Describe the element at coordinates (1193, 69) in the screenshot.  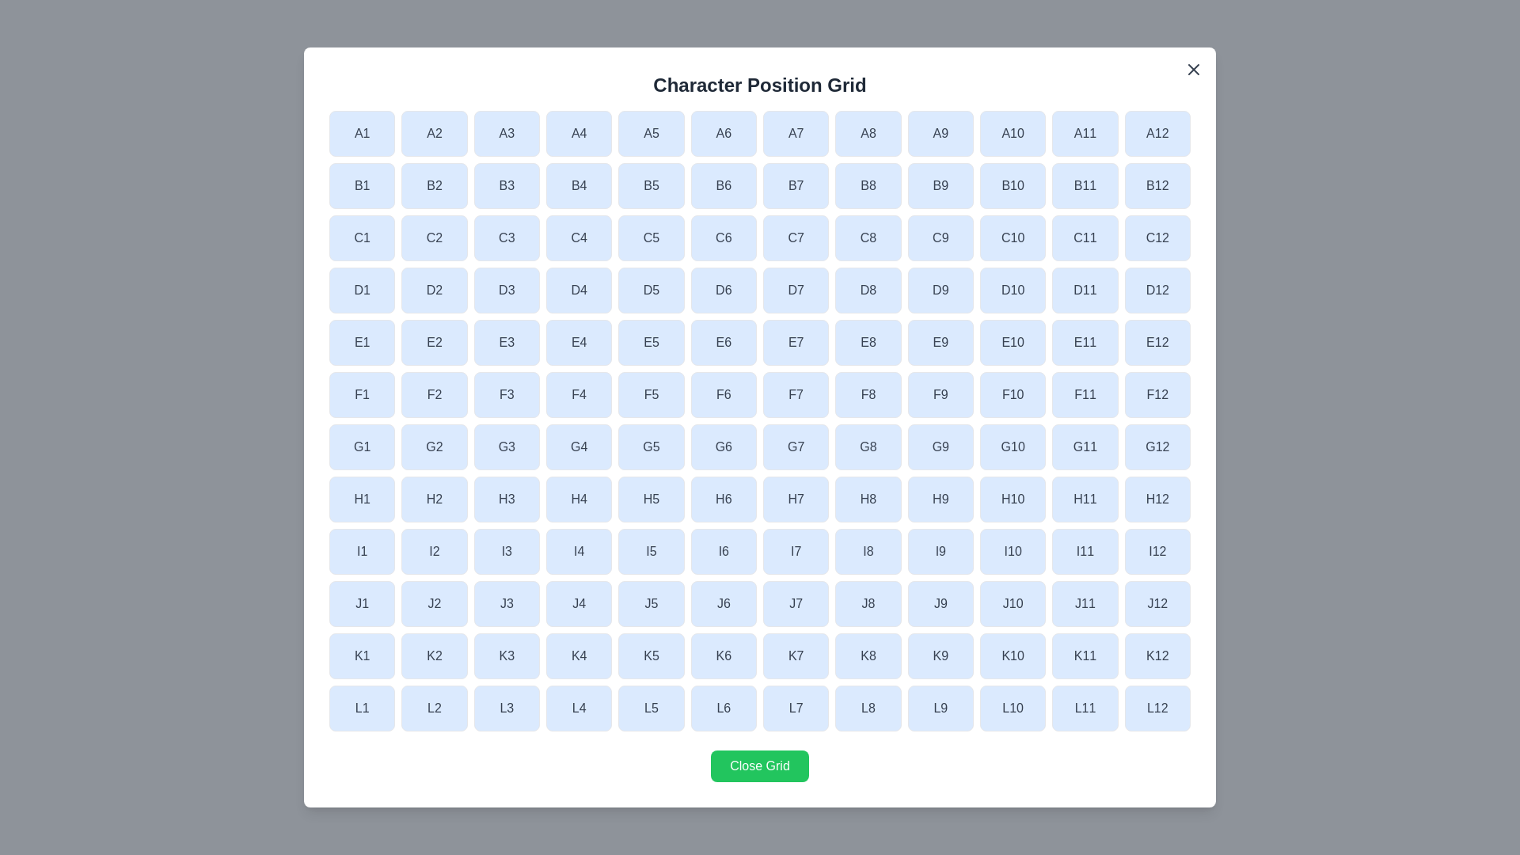
I see `close icon in the top right corner to close the dialog` at that location.